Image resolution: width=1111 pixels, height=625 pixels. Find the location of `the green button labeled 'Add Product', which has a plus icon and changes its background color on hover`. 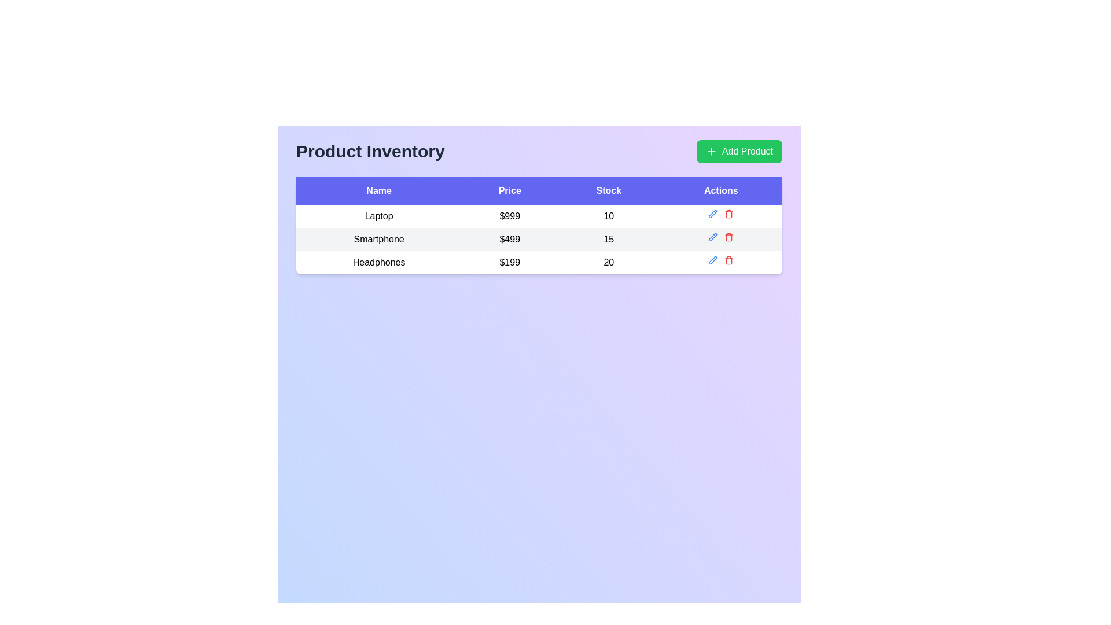

the green button labeled 'Add Product', which has a plus icon and changes its background color on hover is located at coordinates (738, 151).